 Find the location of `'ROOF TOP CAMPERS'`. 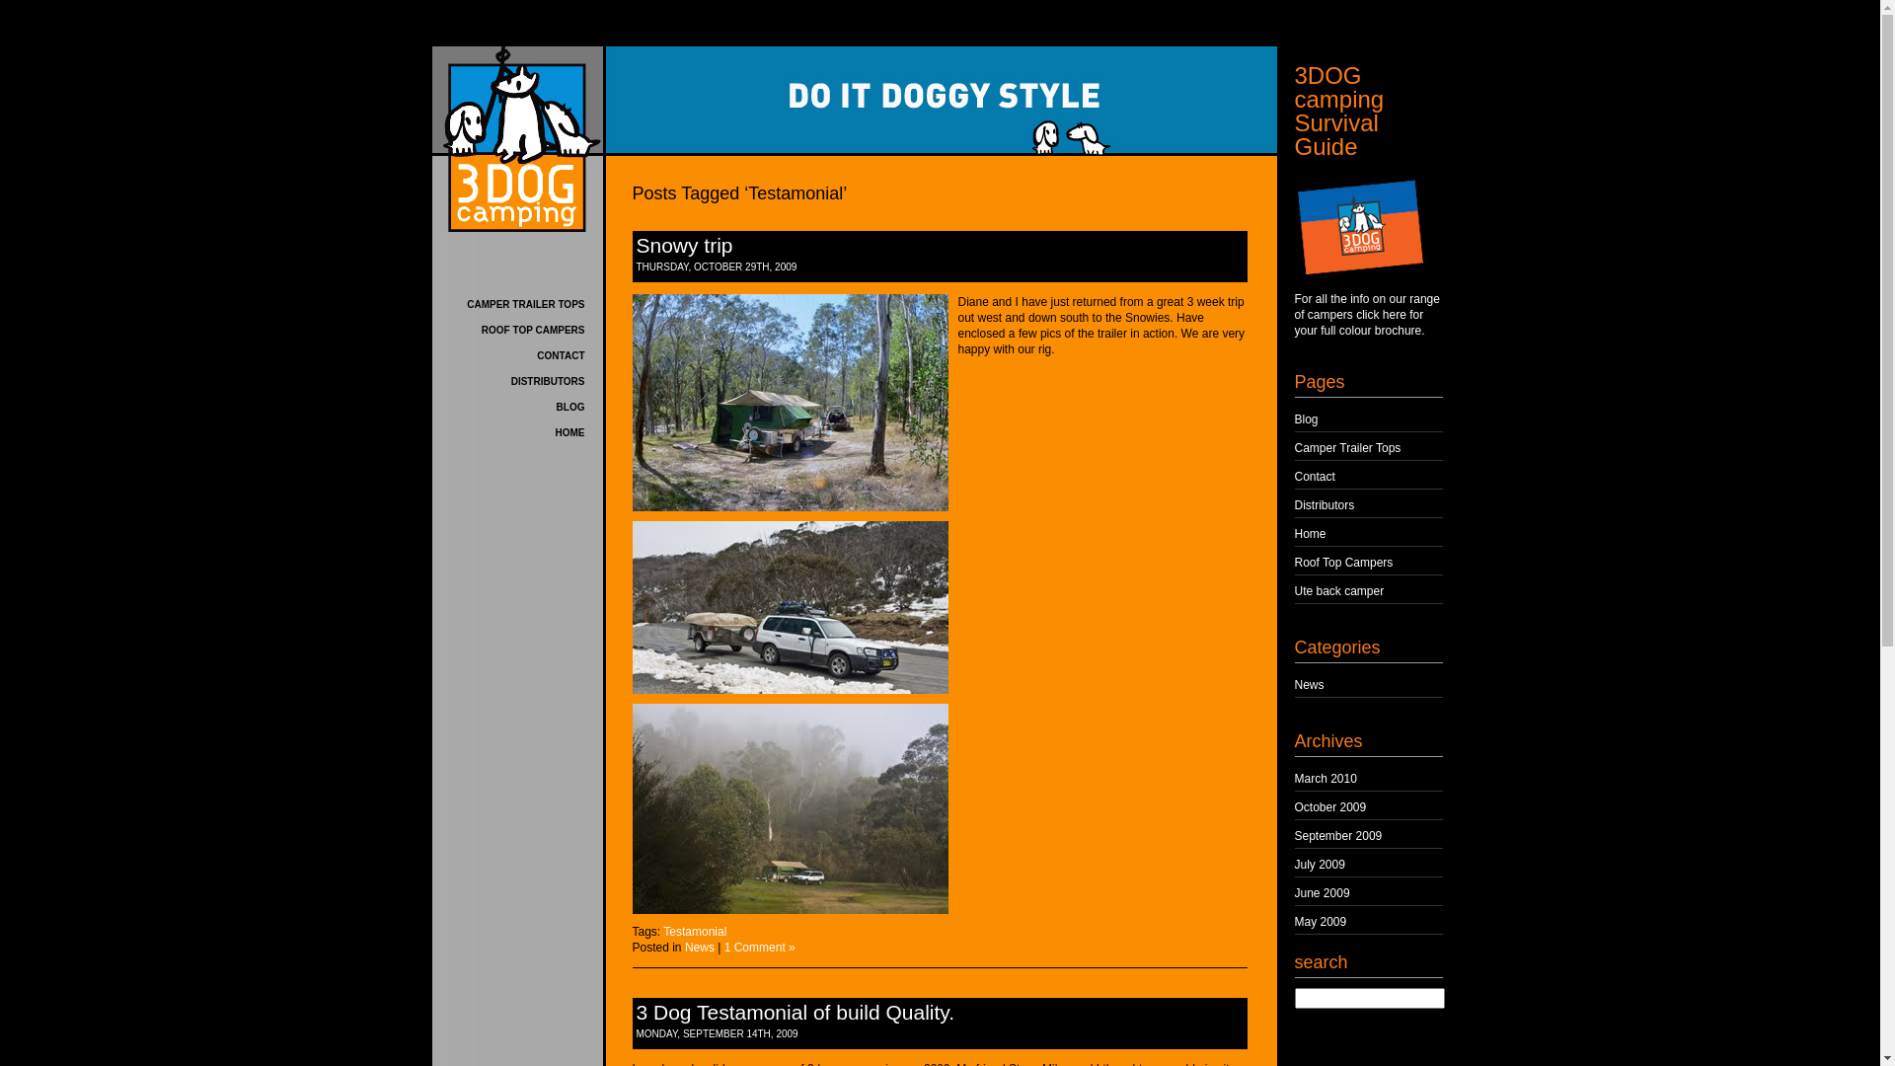

'ROOF TOP CAMPERS' is located at coordinates (533, 329).